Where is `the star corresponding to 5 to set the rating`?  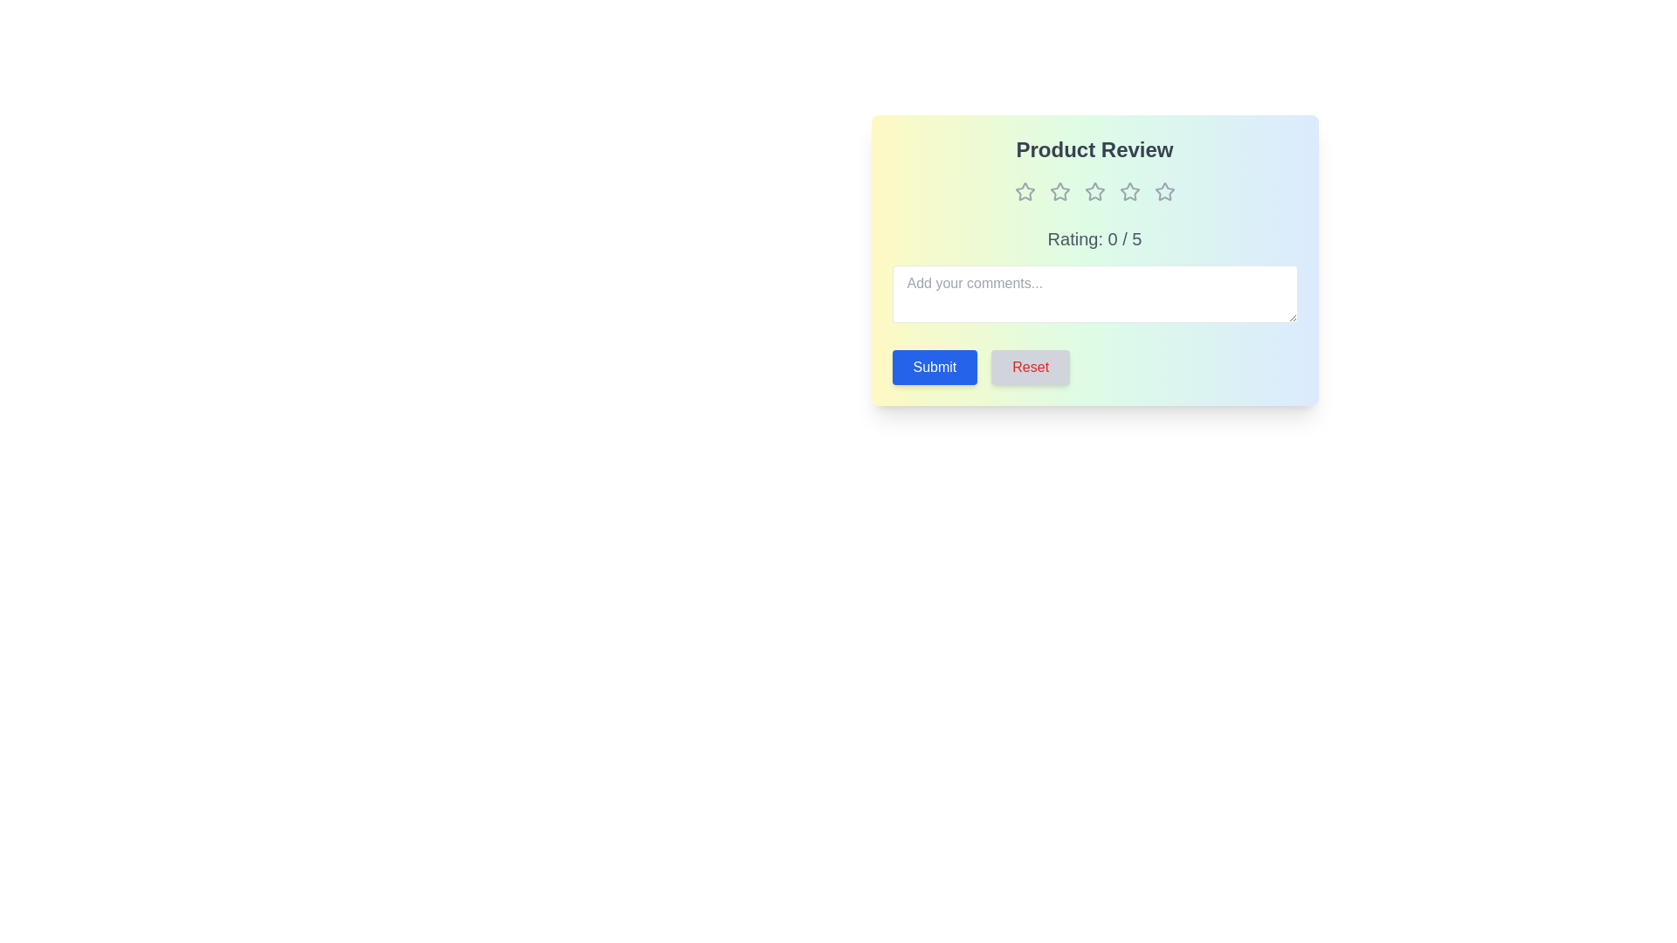
the star corresponding to 5 to set the rating is located at coordinates (1164, 191).